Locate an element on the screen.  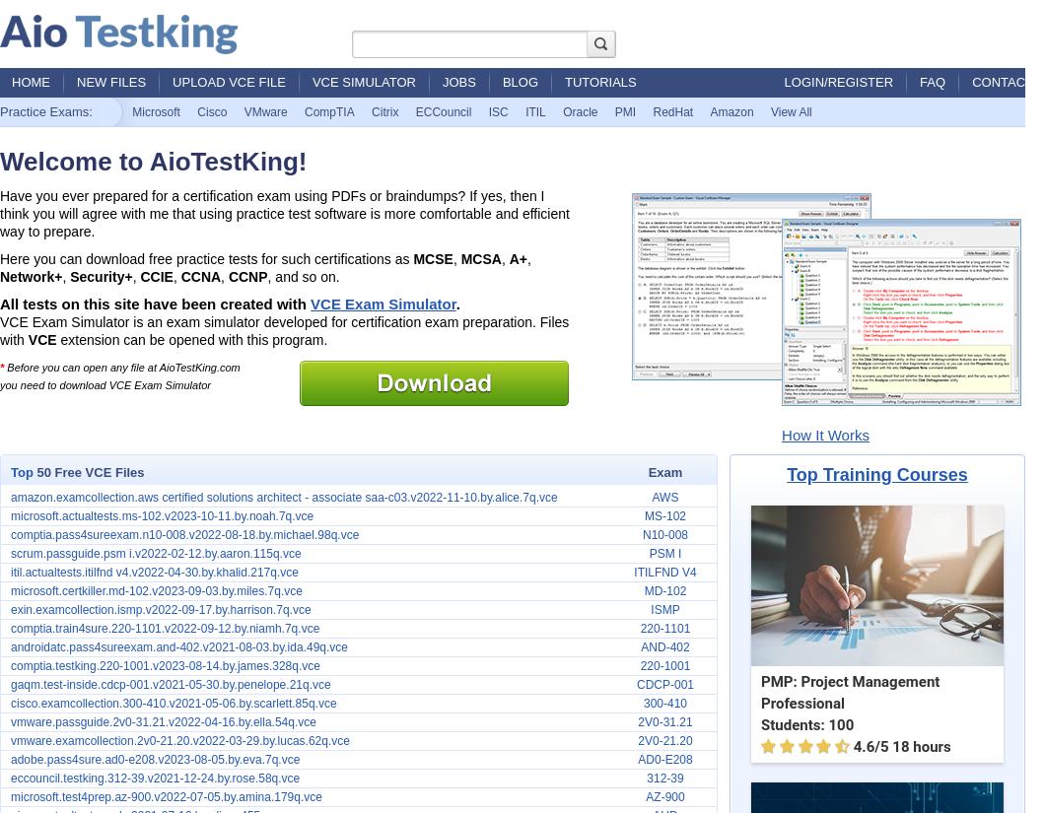
'PMI' is located at coordinates (624, 112).